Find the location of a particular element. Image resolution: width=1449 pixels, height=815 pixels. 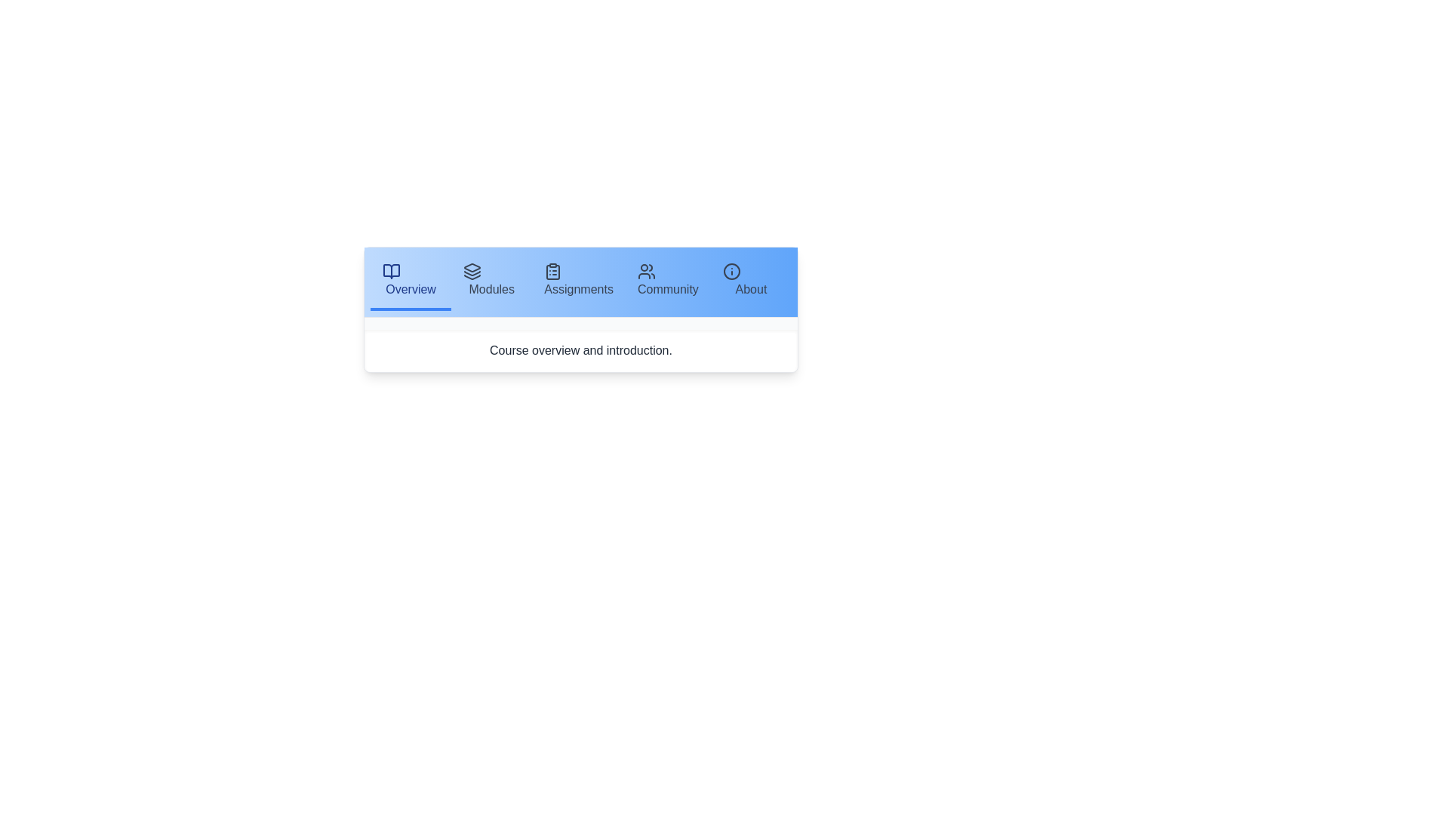

the 'Assignments' icon located centrally in the 'Assignments' tab of the navigation menu is located at coordinates (552, 270).